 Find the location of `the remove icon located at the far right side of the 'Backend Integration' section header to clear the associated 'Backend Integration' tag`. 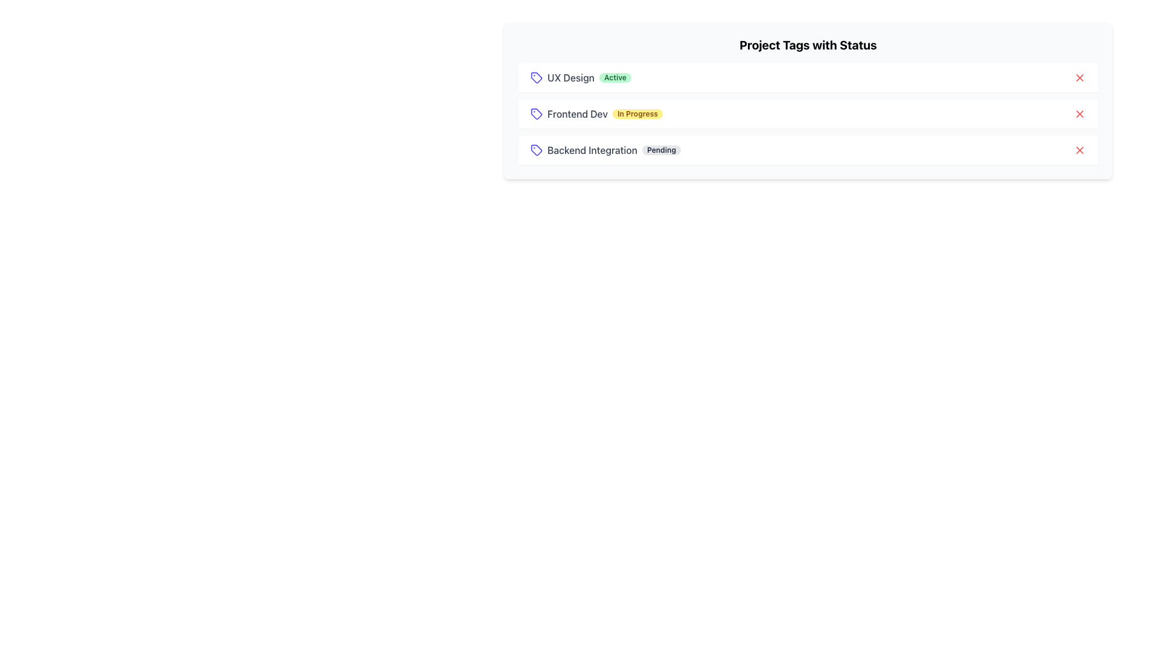

the remove icon located at the far right side of the 'Backend Integration' section header to clear the associated 'Backend Integration' tag is located at coordinates (1080, 114).